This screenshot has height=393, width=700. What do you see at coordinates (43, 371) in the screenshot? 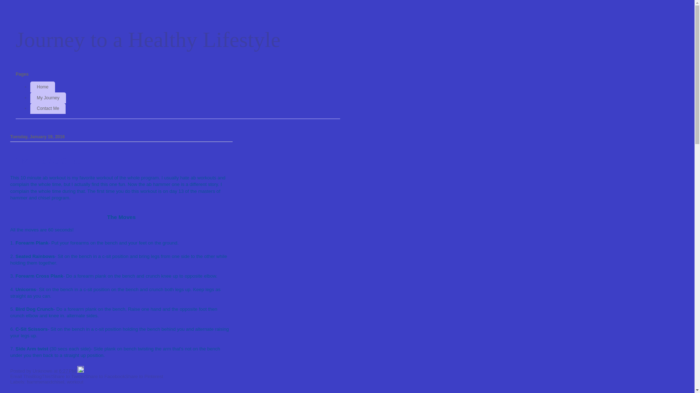
I see `'Unknown'` at bounding box center [43, 371].